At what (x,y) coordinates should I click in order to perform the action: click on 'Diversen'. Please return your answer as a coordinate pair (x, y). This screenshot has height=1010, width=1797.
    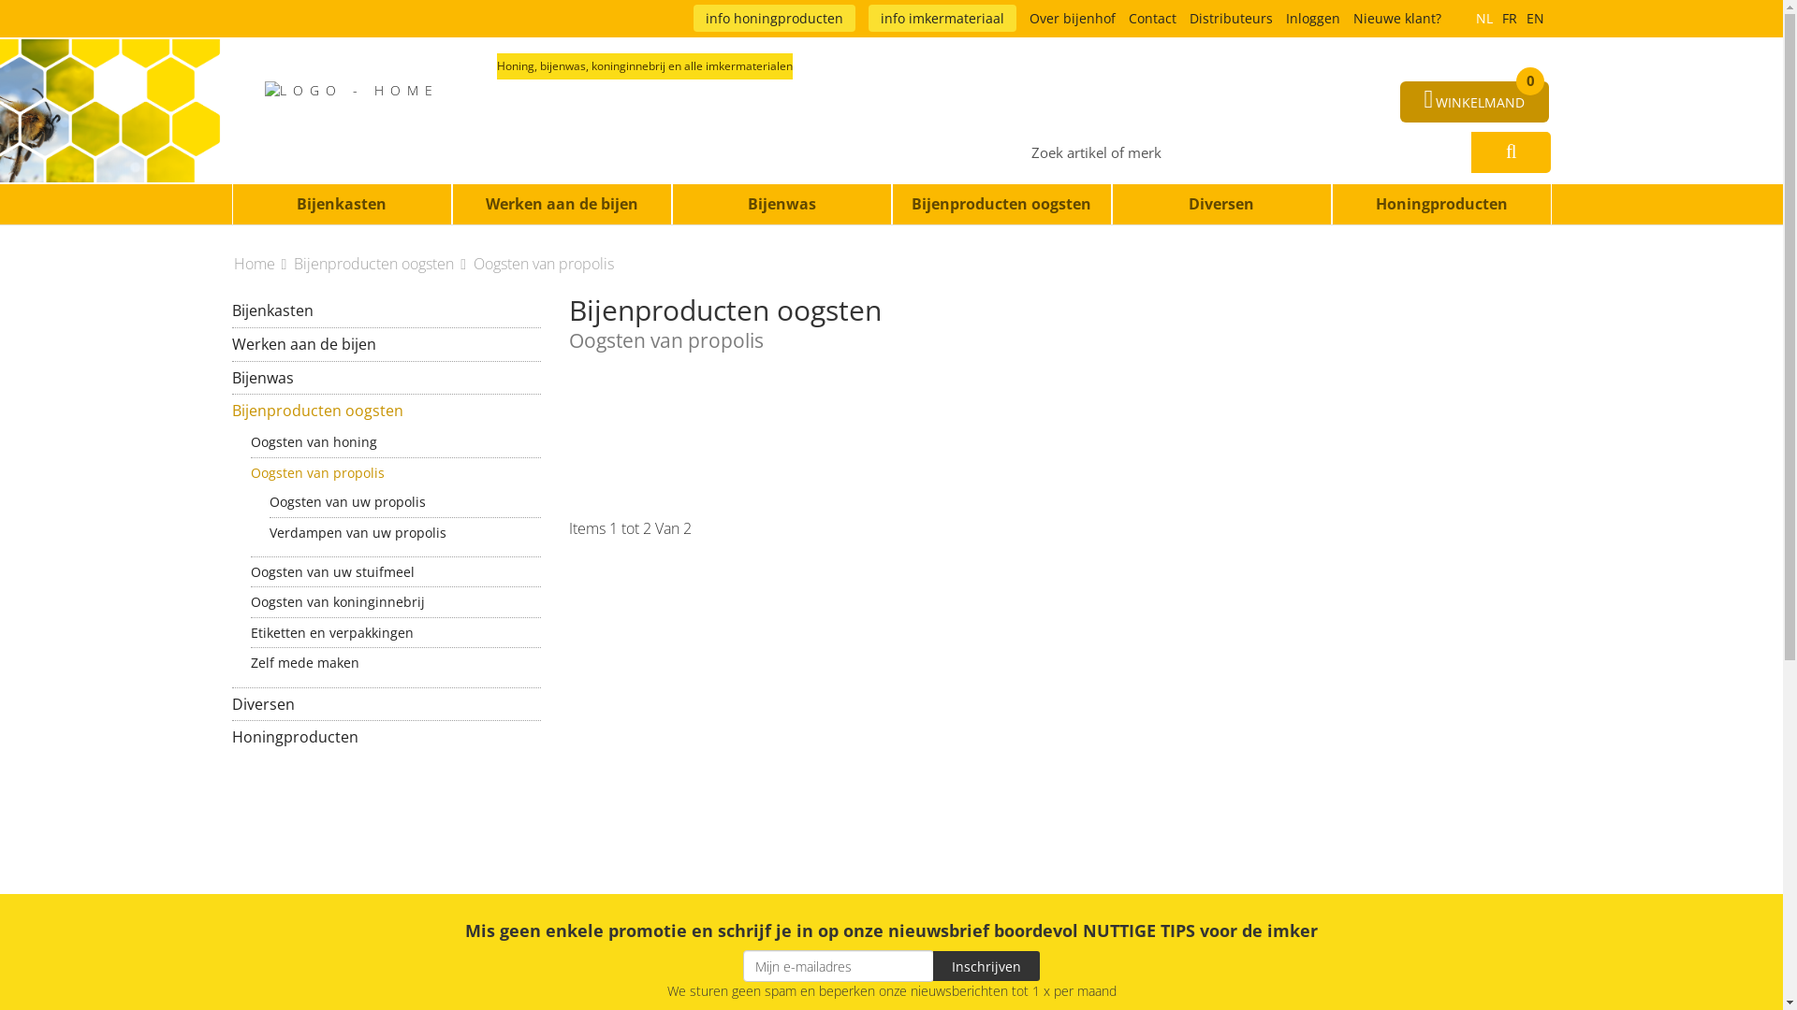
    Looking at the image, I should click on (385, 704).